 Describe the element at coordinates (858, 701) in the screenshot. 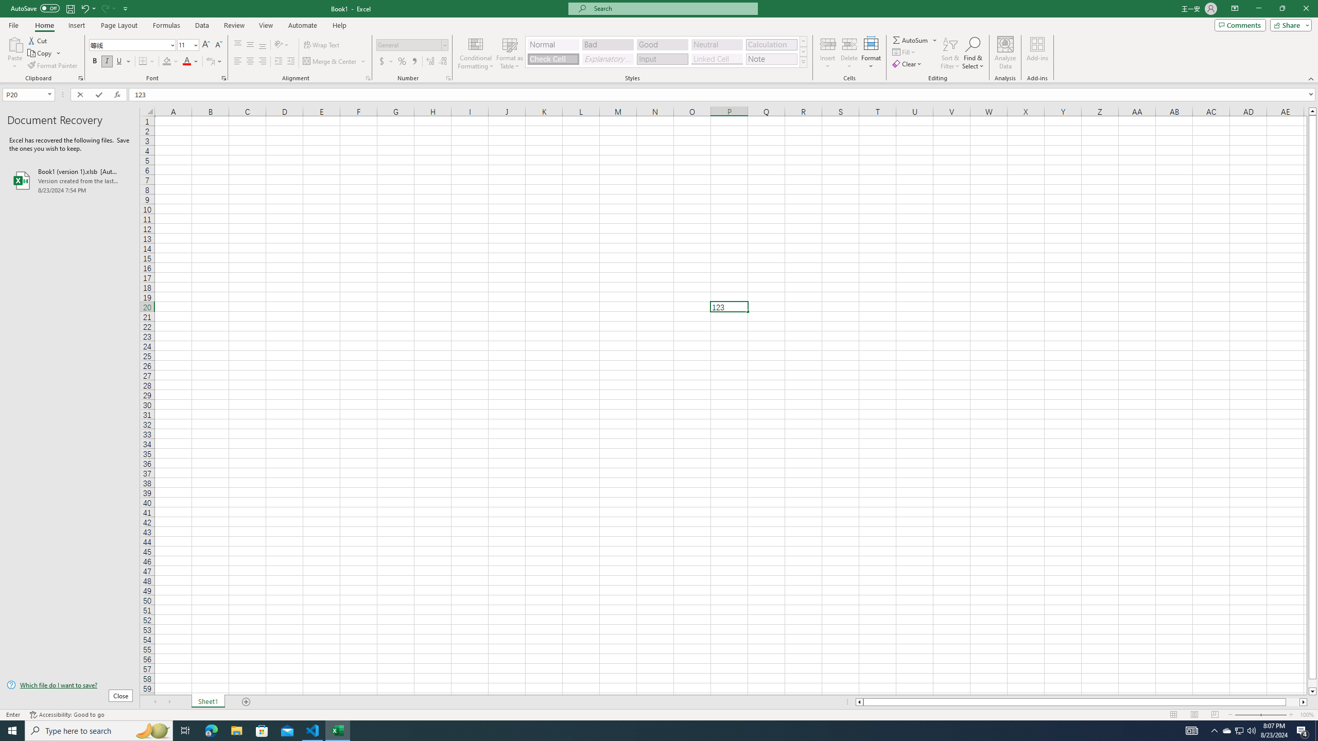

I see `'Column left'` at that location.